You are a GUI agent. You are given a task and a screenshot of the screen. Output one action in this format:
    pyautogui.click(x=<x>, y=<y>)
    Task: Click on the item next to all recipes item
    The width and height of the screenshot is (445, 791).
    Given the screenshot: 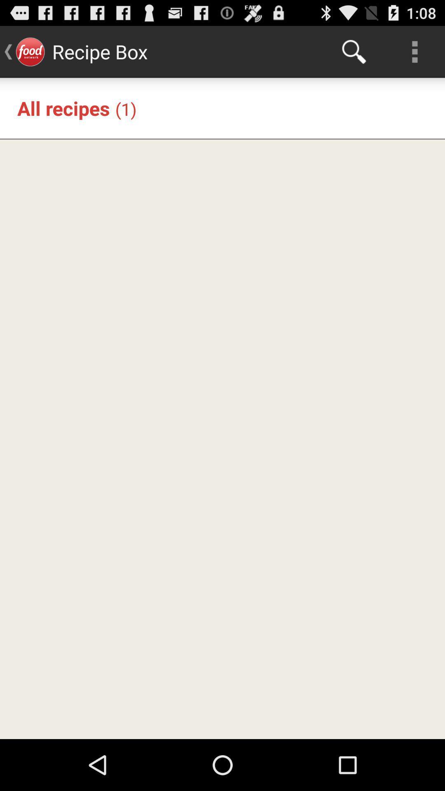 What is the action you would take?
    pyautogui.click(x=126, y=108)
    